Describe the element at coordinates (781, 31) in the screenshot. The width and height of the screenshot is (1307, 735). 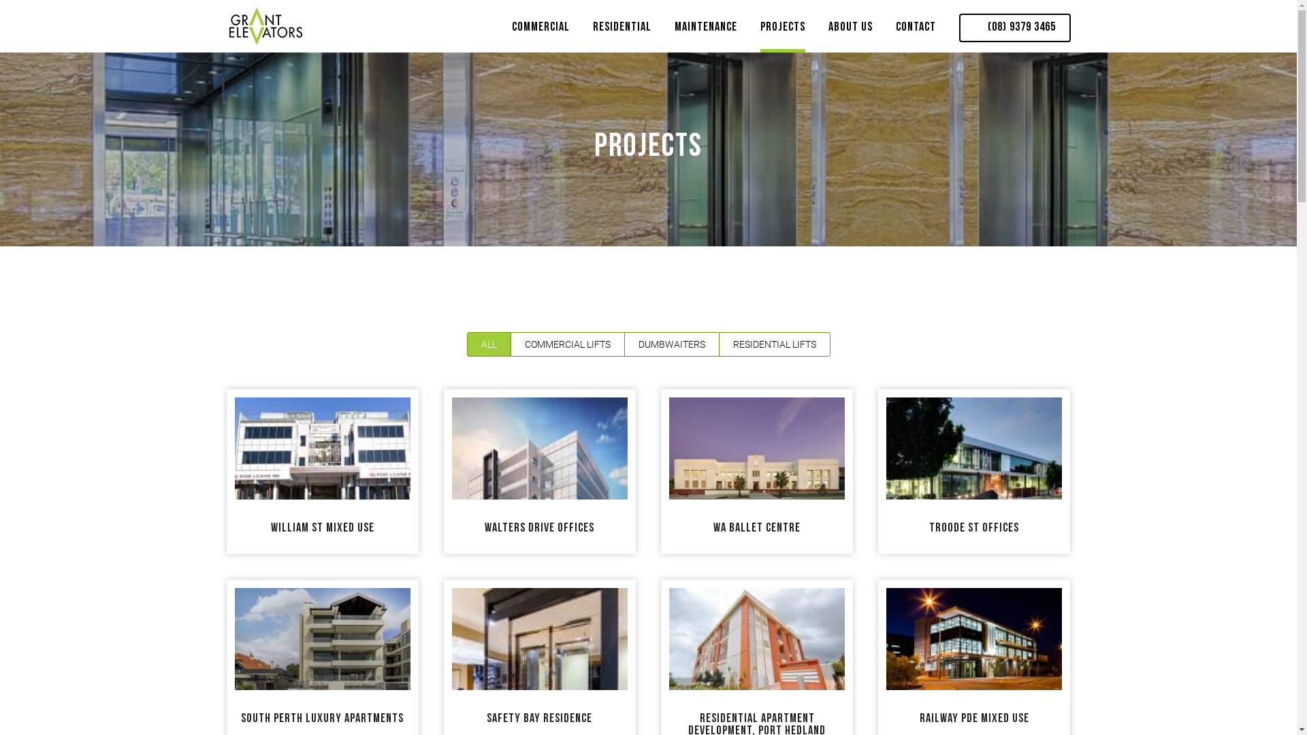
I see `'PROJECTS'` at that location.